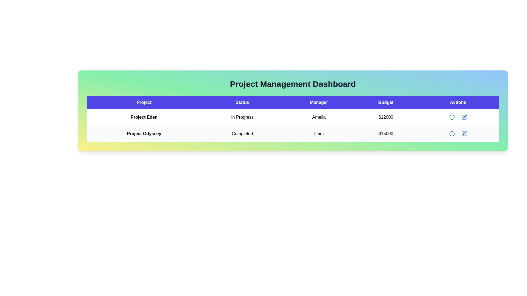  I want to click on the circular icon in the 'Actions' row for 'Project Odyssey', so click(452, 117).